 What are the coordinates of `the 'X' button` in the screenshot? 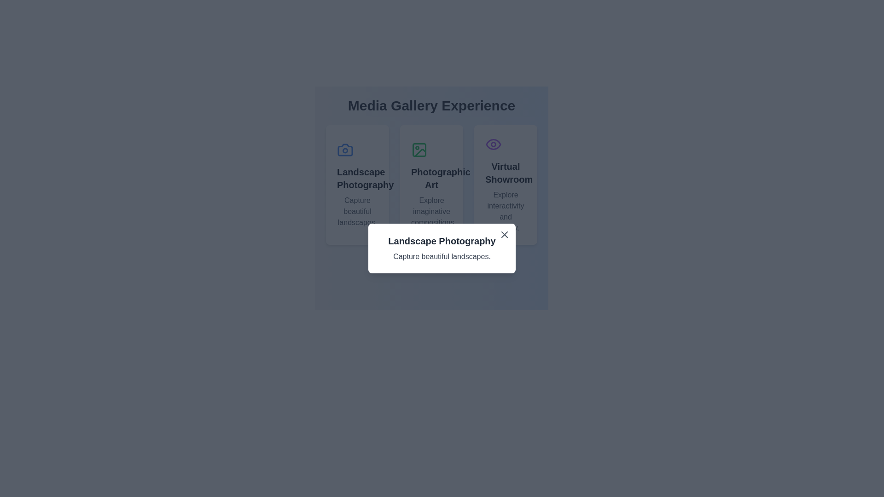 It's located at (504, 234).